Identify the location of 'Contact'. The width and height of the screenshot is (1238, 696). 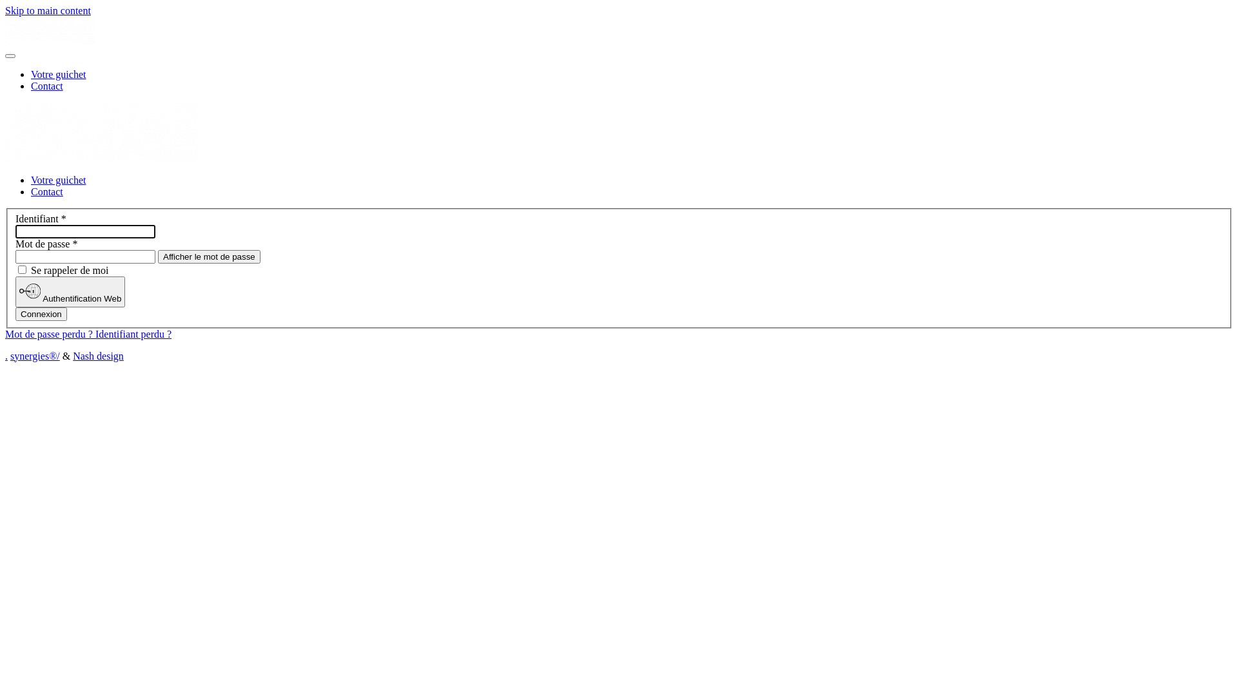
(31, 86).